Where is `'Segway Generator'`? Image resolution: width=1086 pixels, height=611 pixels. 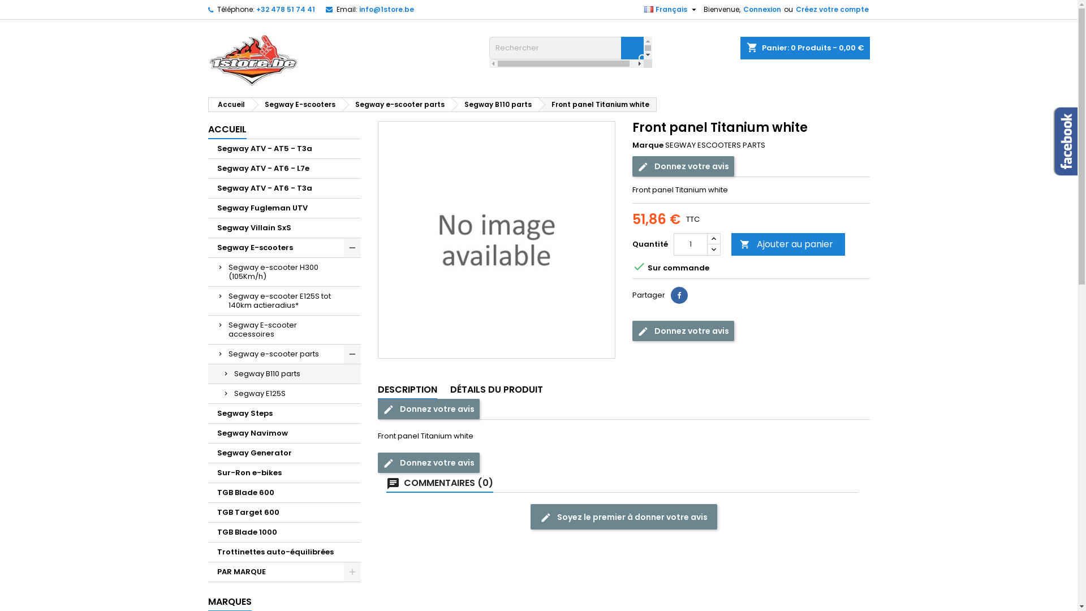 'Segway Generator' is located at coordinates (285, 453).